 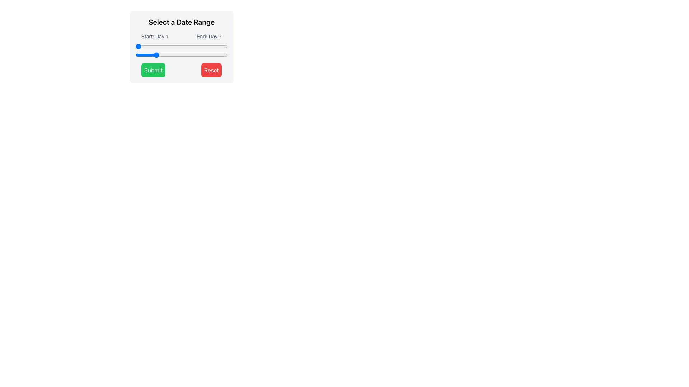 What do you see at coordinates (217, 47) in the screenshot?
I see `the slider` at bounding box center [217, 47].